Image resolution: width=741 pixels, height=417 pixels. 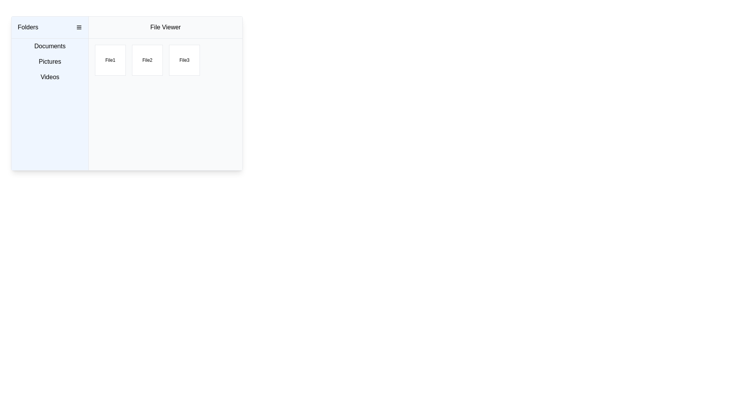 What do you see at coordinates (49, 46) in the screenshot?
I see `the 'Documents' menu item located at the top of the left sidebar labeled 'Folders'` at bounding box center [49, 46].